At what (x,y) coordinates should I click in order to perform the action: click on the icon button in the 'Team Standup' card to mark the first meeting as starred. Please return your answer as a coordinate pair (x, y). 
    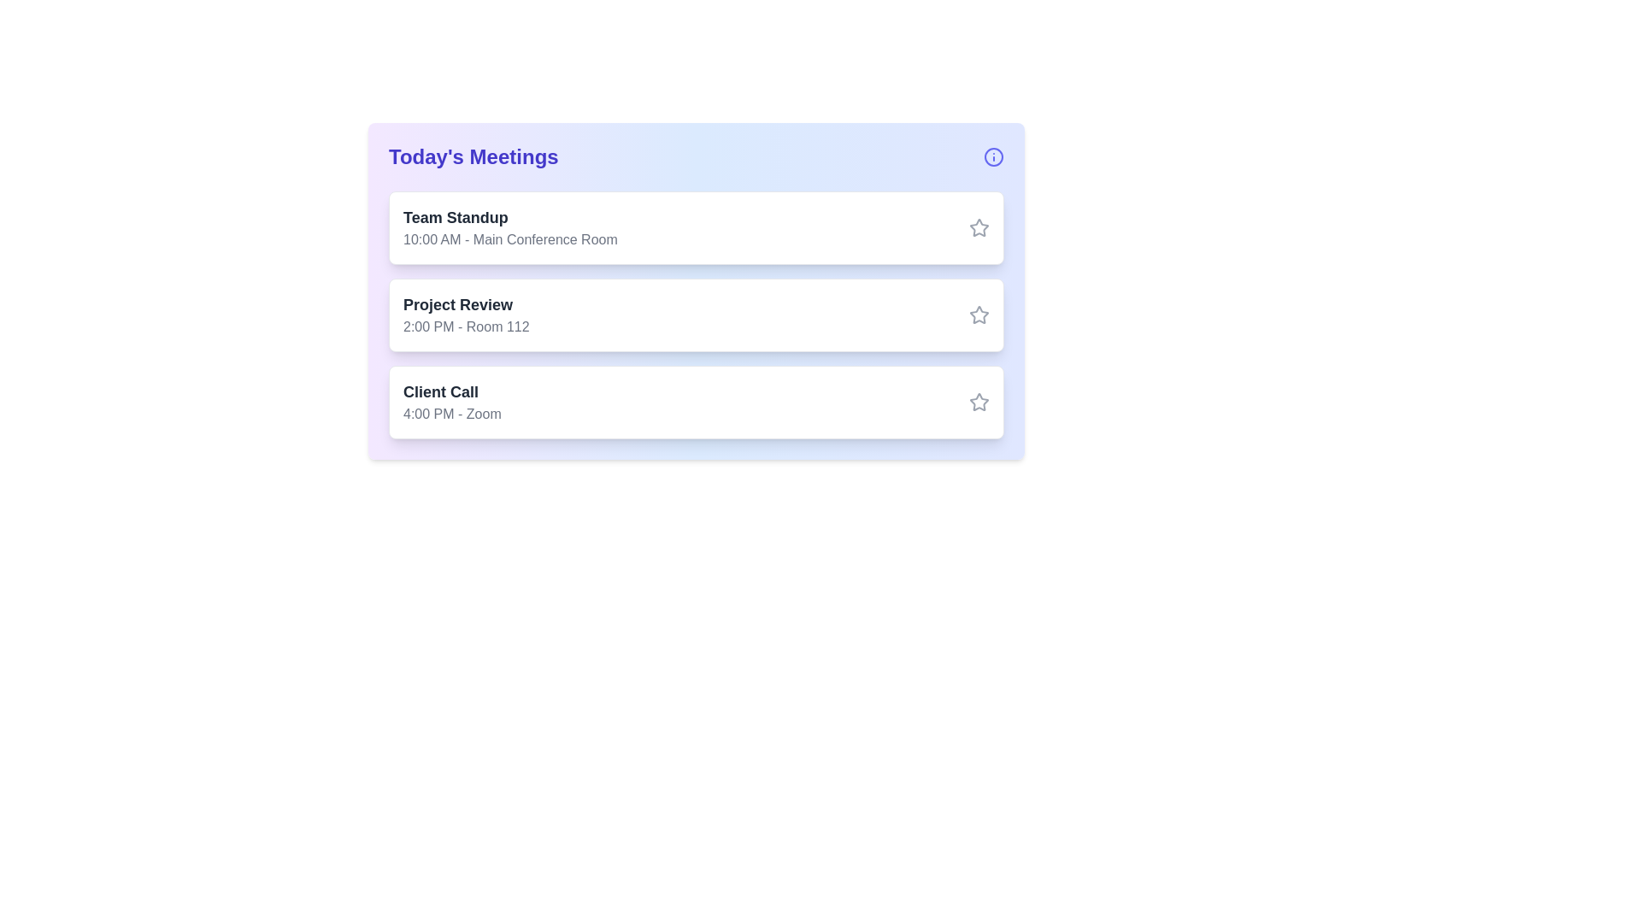
    Looking at the image, I should click on (979, 226).